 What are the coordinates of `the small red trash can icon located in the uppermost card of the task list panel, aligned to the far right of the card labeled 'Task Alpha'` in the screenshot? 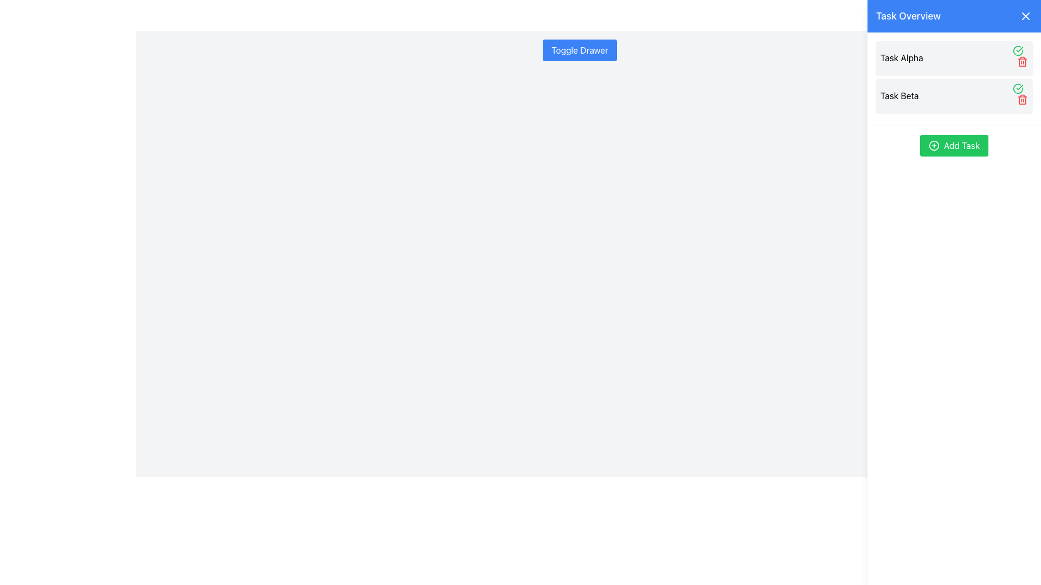 It's located at (1019, 58).